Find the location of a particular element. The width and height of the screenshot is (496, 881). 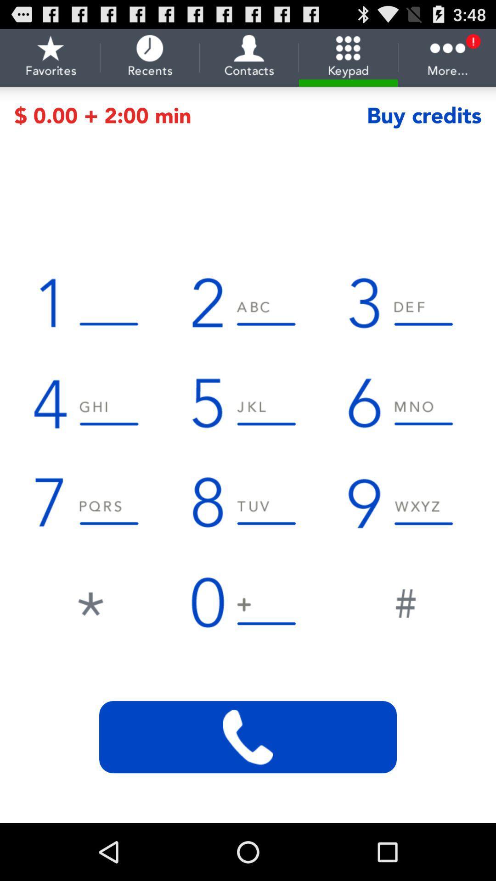

buy credits button is located at coordinates (424, 115).